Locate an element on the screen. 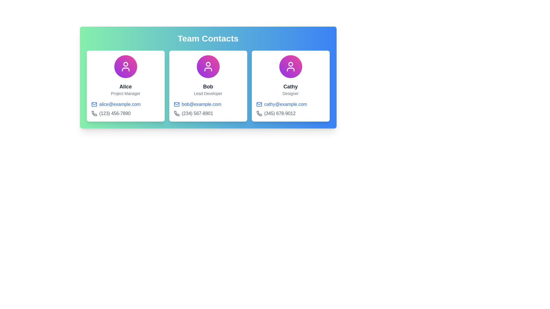 This screenshot has width=550, height=309. the text label displaying 'Lead Developer', which is styled in gray and positioned below 'Bob' within the middle card of the layout is located at coordinates (208, 93).